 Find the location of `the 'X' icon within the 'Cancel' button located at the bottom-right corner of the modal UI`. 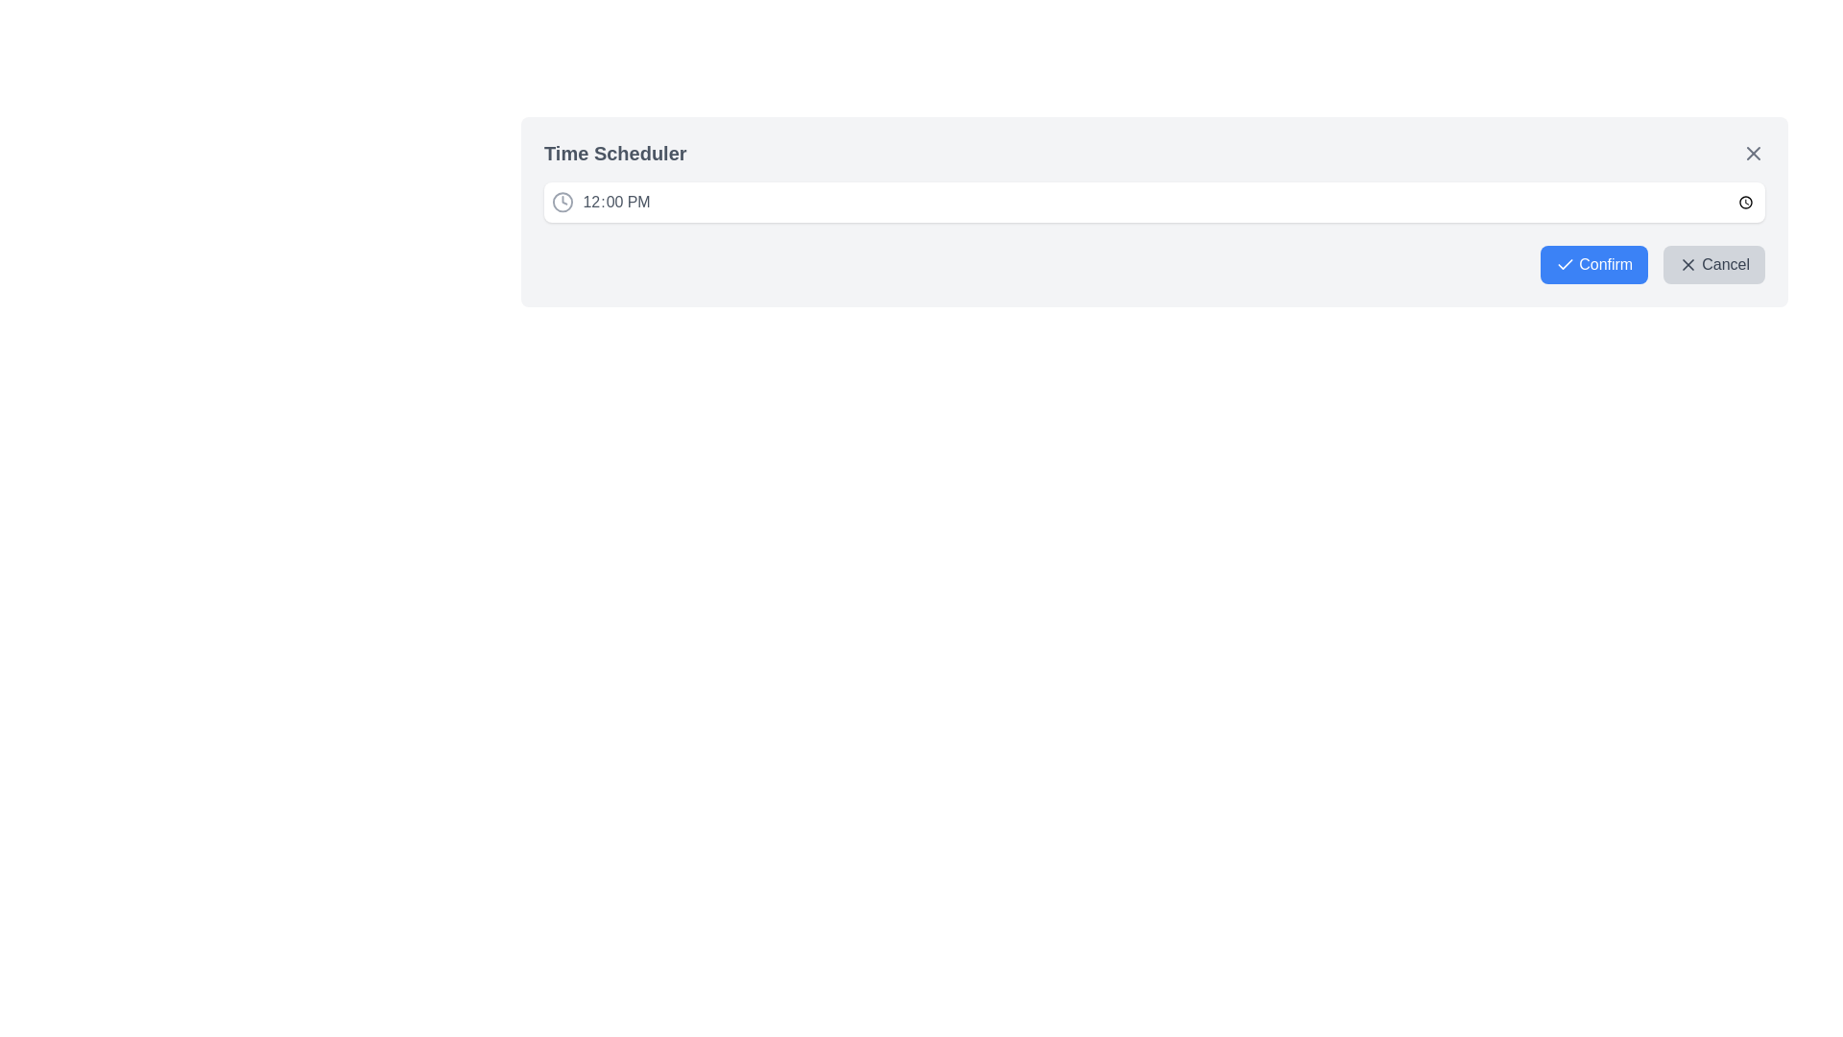

the 'X' icon within the 'Cancel' button located at the bottom-right corner of the modal UI is located at coordinates (1687, 265).